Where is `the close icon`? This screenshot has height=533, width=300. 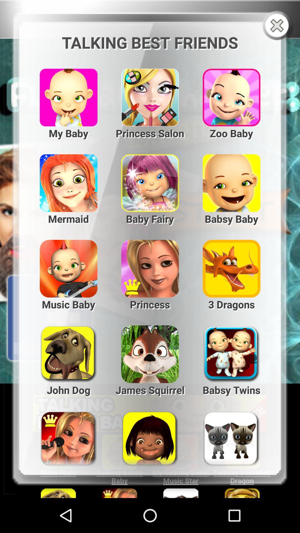
the close icon is located at coordinates (278, 28).